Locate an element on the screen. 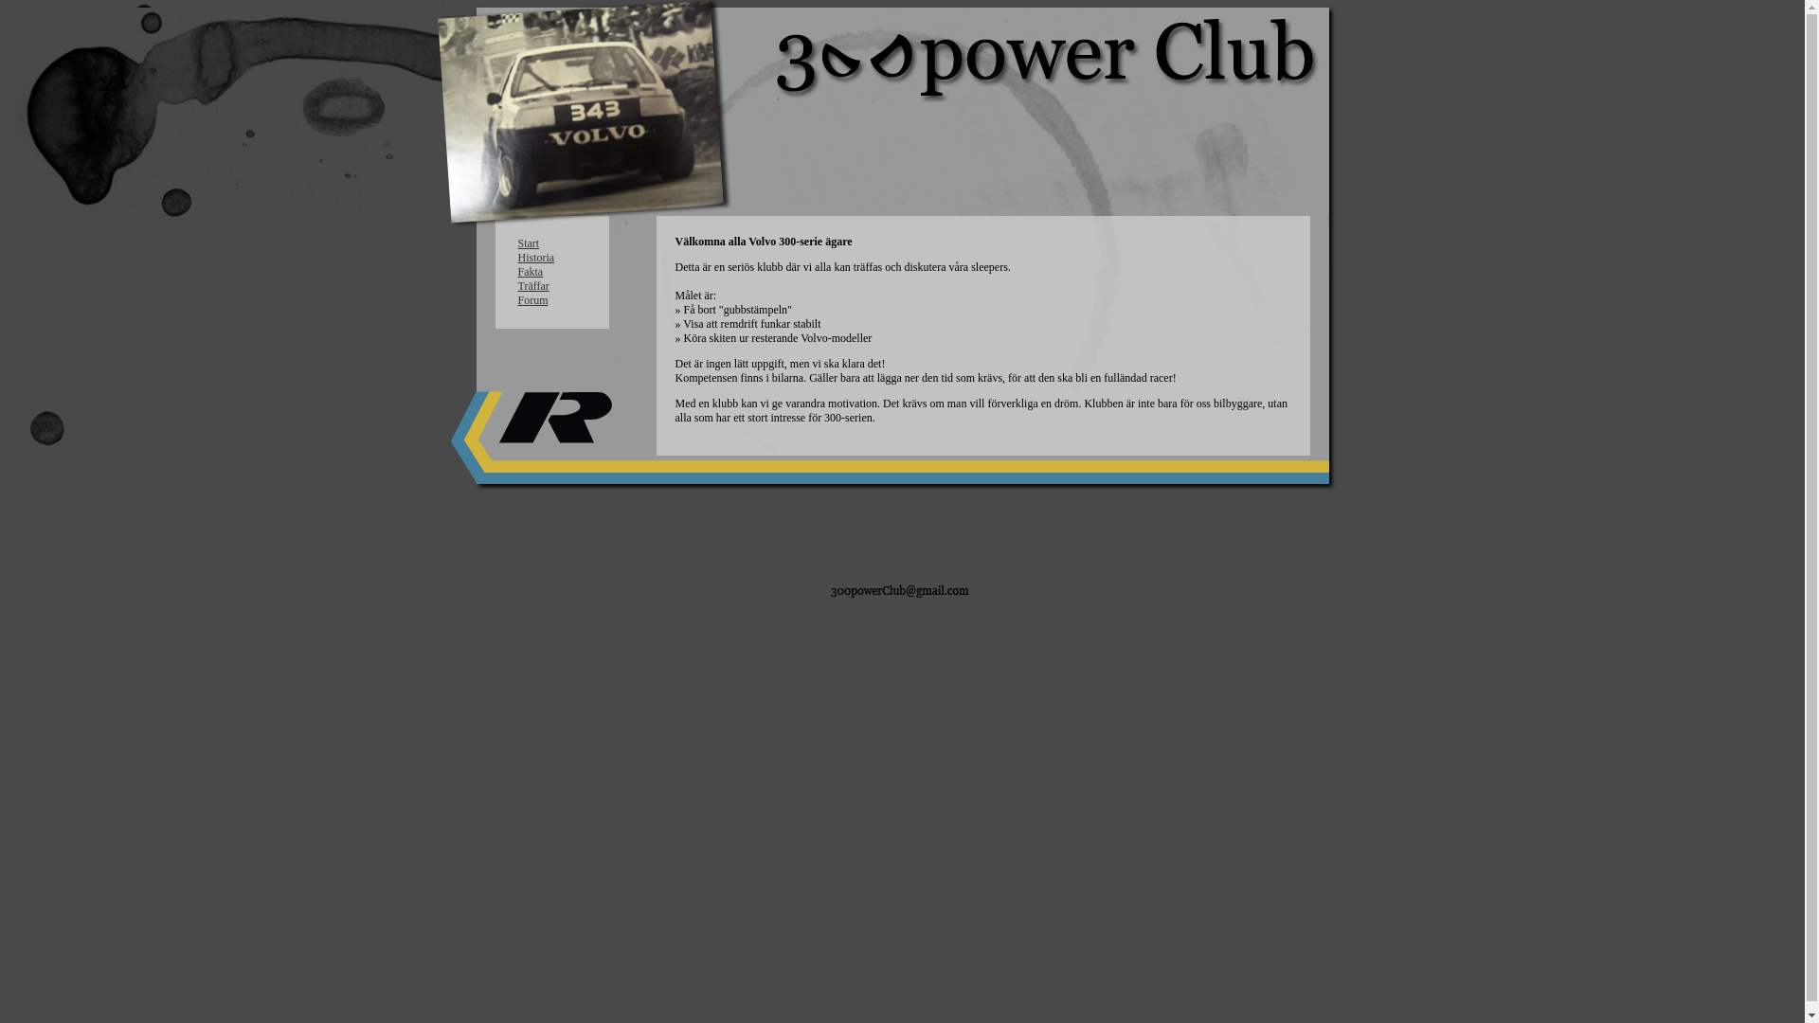 Image resolution: width=1819 pixels, height=1023 pixels. 'Historia' is located at coordinates (534, 258).